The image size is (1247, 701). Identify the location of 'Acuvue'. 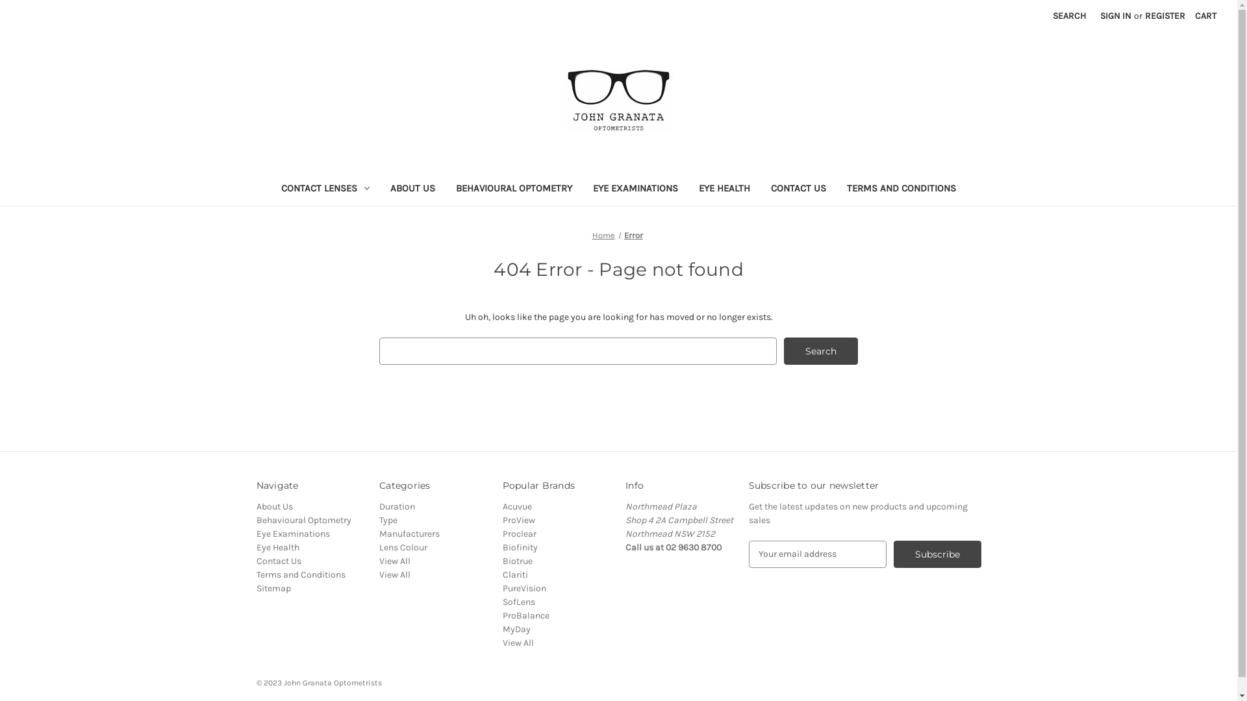
(516, 506).